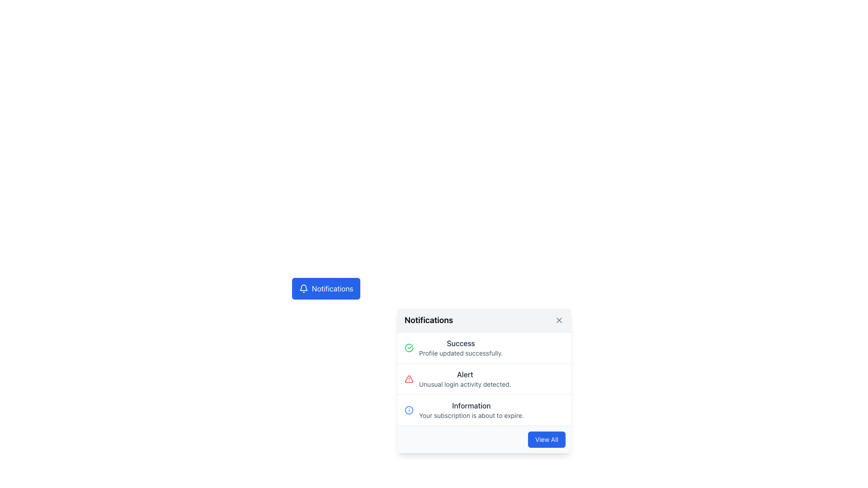  Describe the element at coordinates (483, 410) in the screenshot. I see `the Notification Item titled 'Information' with the description 'Your subscription is about to expire' by moving the cursor to its center` at that location.